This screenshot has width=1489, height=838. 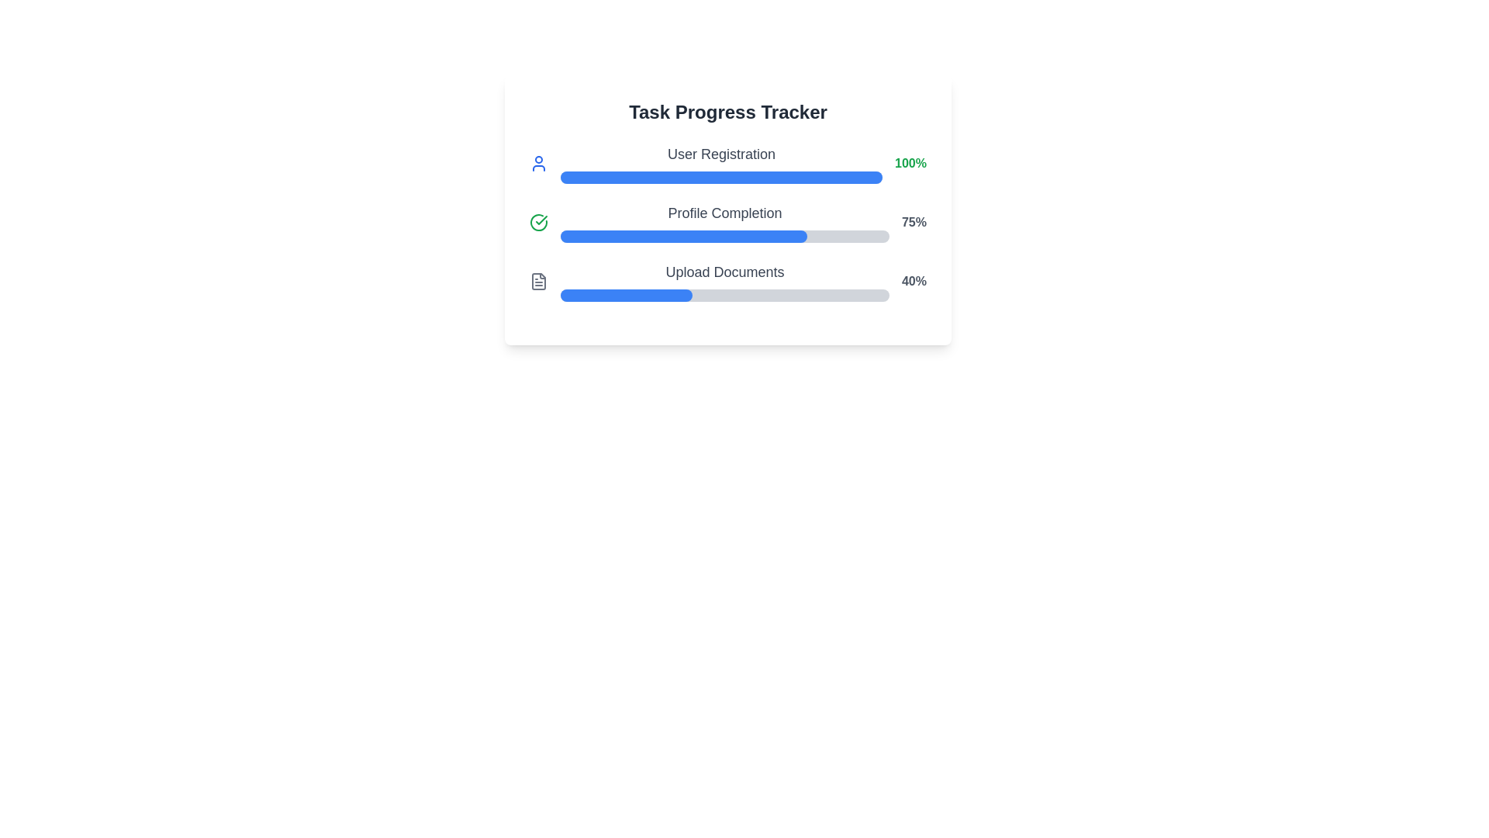 I want to click on the progress bar indicating the completion of the 'User Registration' process within the 'Task Progress Tracker' card, so click(x=720, y=176).